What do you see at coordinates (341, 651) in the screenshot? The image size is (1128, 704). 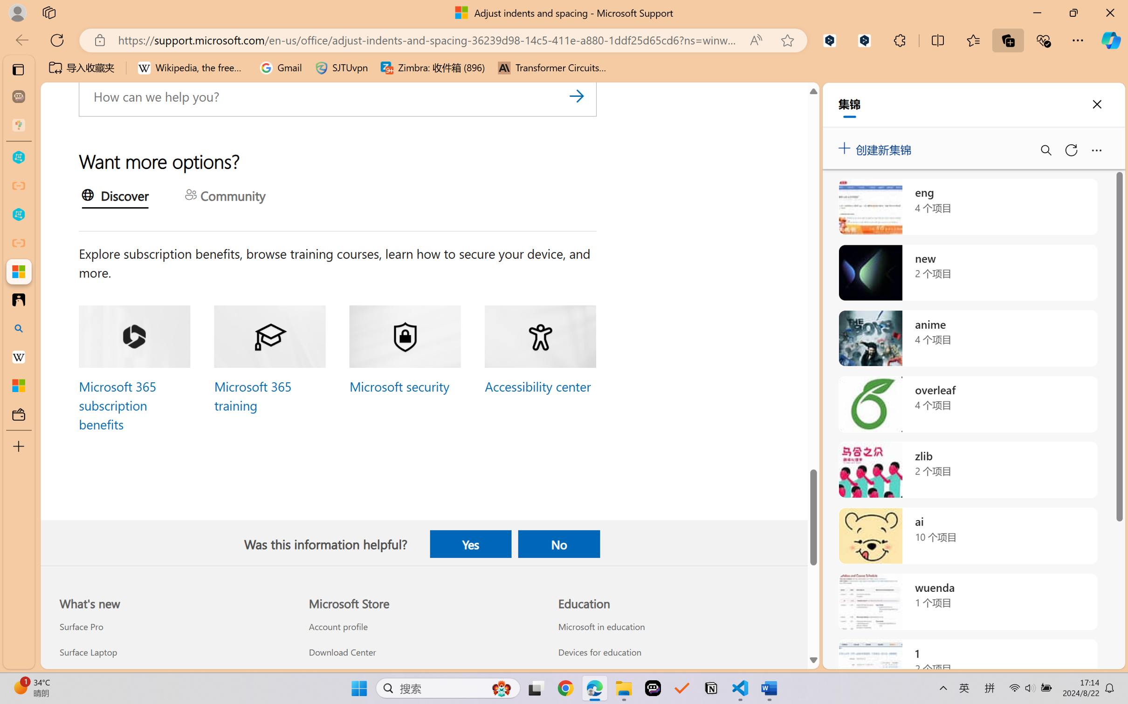 I see `'Download Center Microsoft Store'` at bounding box center [341, 651].